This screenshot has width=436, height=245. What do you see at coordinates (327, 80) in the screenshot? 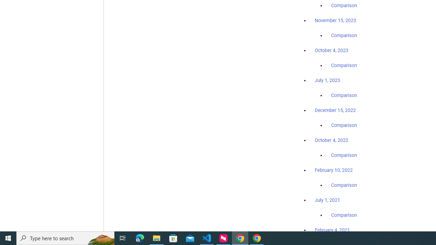
I see `'July 1, 2023'` at bounding box center [327, 80].